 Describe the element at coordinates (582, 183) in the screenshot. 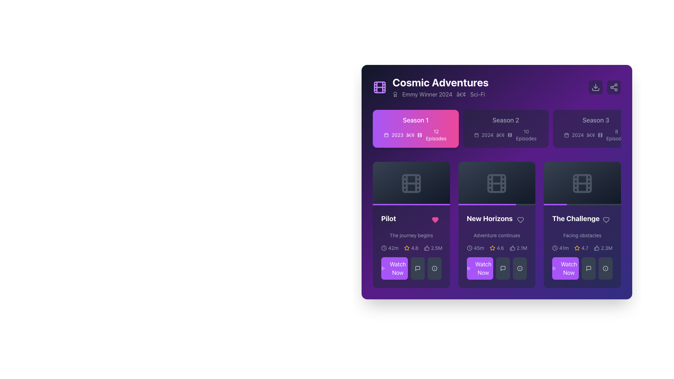

I see `the gray filmstrip icon located in the rightmost card of the second row, under 'The Challenge'` at that location.